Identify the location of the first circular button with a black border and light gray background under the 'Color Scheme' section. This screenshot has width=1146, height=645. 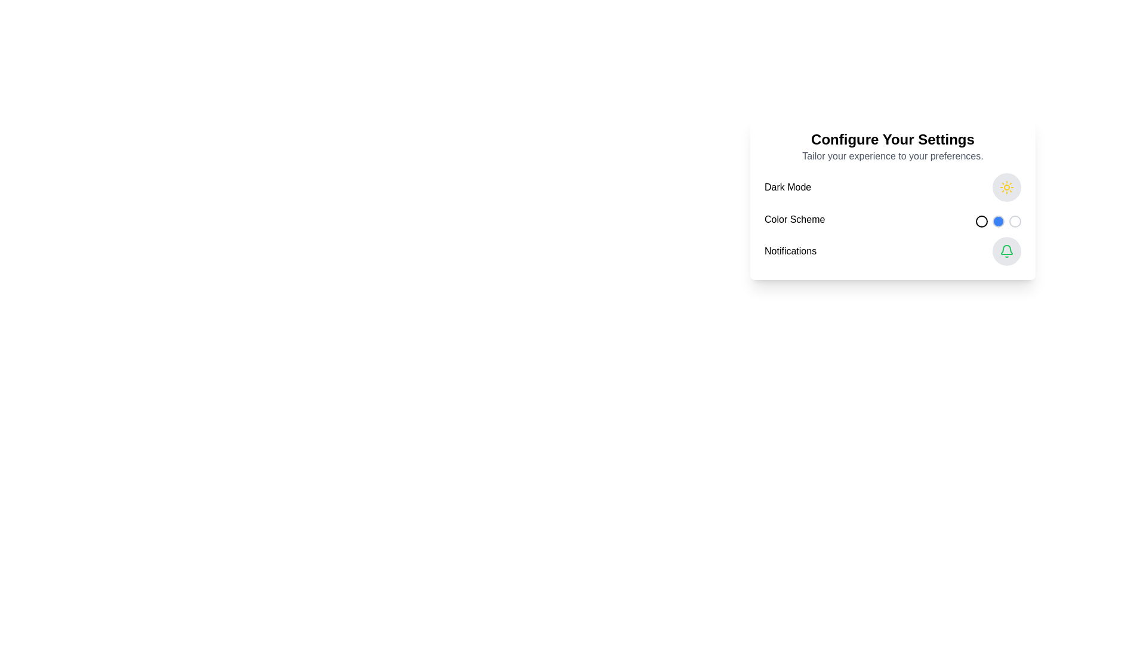
(982, 221).